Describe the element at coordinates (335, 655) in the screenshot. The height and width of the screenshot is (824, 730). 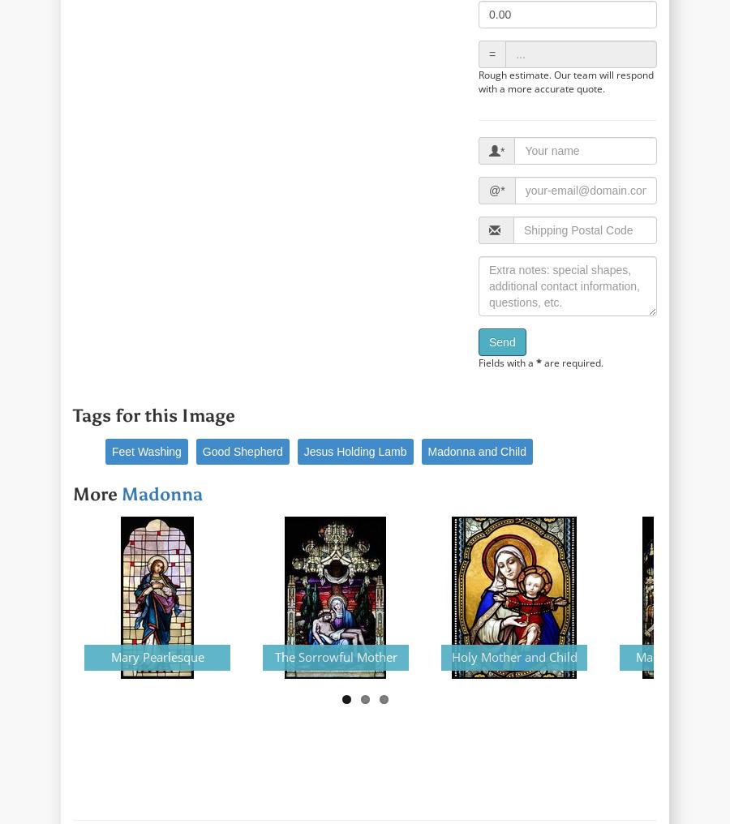
I see `'The Sorrowful Mother'` at that location.